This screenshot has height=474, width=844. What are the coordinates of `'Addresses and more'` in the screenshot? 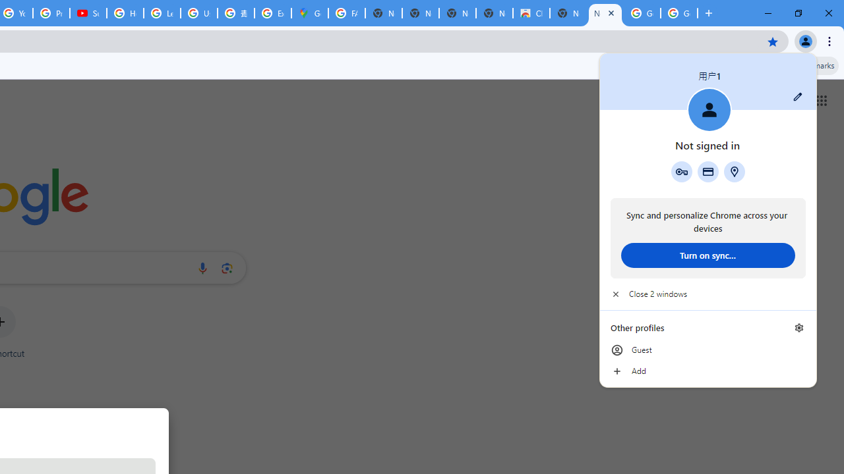 It's located at (734, 171).